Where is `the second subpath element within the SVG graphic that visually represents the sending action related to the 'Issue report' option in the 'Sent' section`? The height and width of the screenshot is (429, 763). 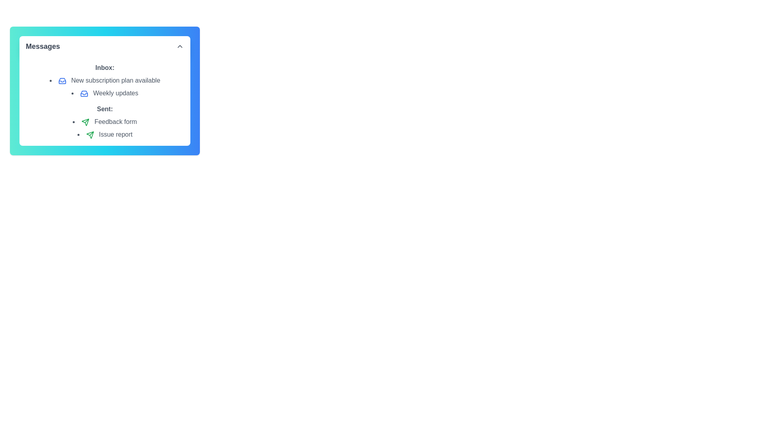
the second subpath element within the SVG graphic that visually represents the sending action related to the 'Issue report' option in the 'Sent' section is located at coordinates (91, 133).